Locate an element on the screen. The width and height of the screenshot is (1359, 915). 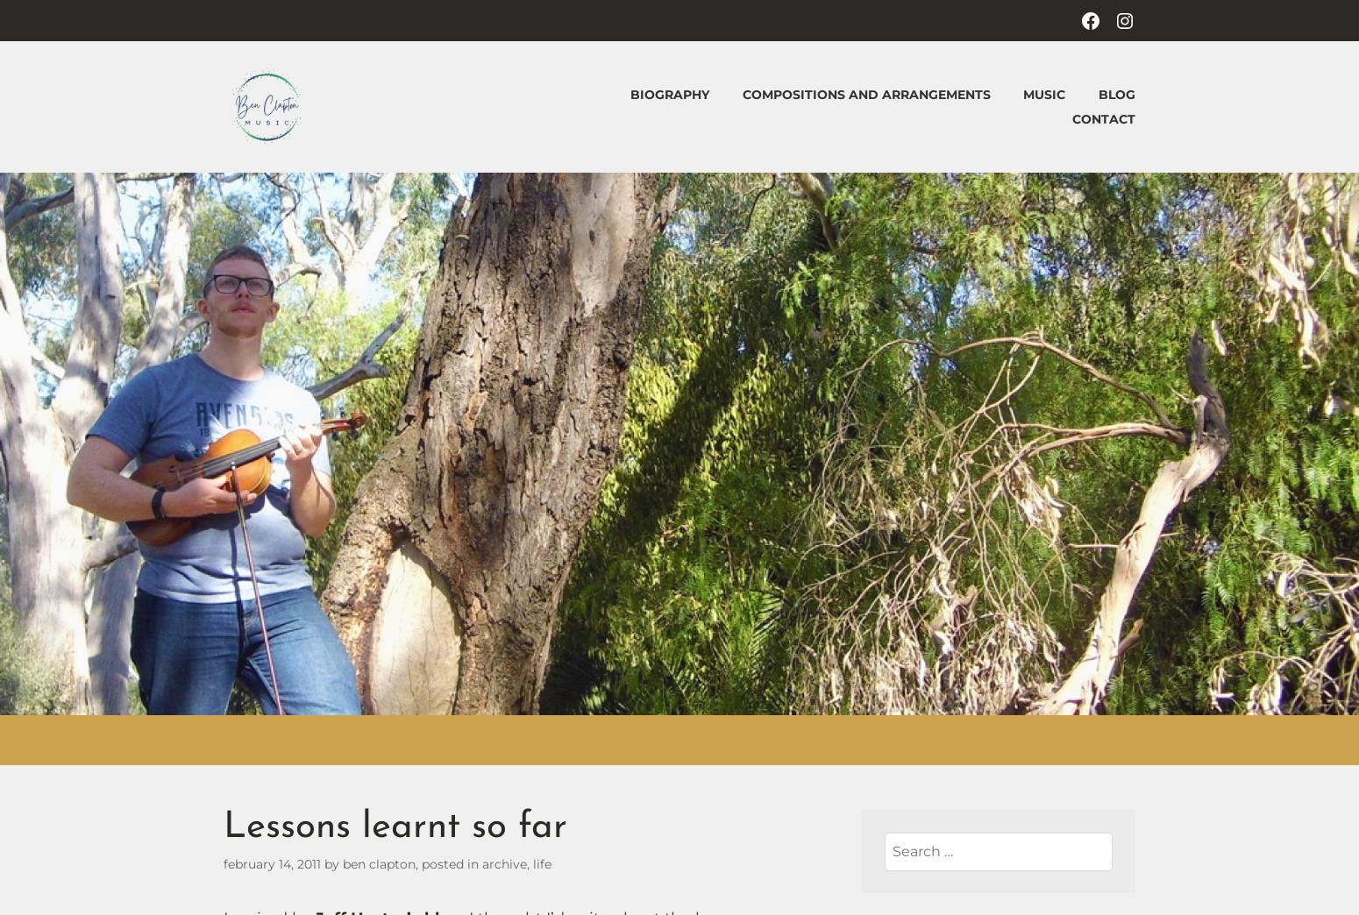
'Biography' is located at coordinates (669, 94).